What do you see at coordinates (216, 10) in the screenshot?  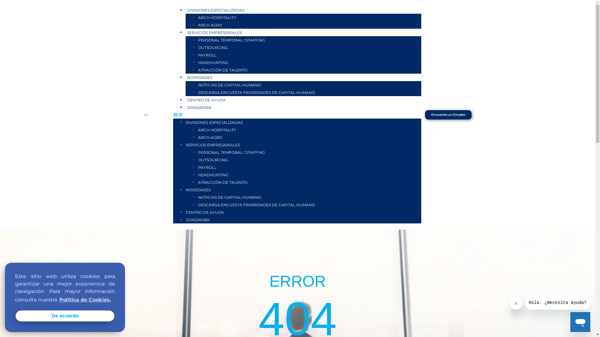 I see `'DIVISIONES ESPECIALIZADAS'` at bounding box center [216, 10].